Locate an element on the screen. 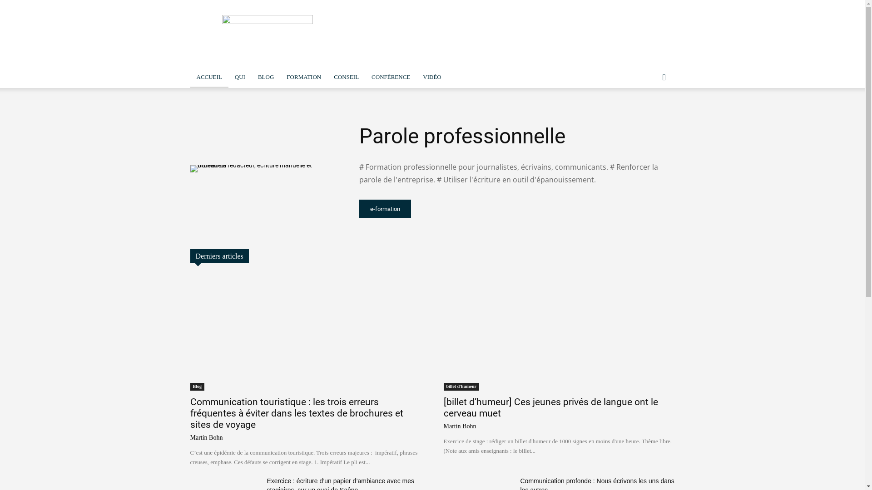 The image size is (872, 490). 'Blog' is located at coordinates (196, 387).